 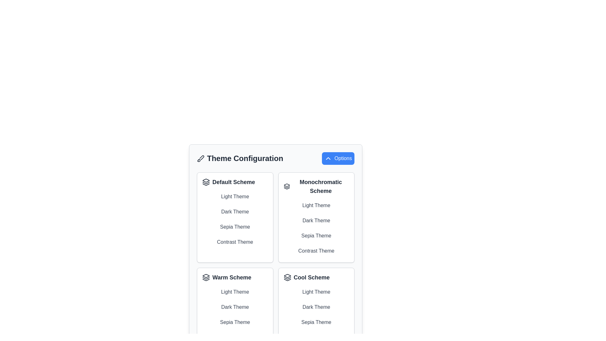 What do you see at coordinates (287, 279) in the screenshot?
I see `visual representation of the third graphical icon in a vertical stack, shaped like a layer icon, located at the bottom of its containing block` at bounding box center [287, 279].